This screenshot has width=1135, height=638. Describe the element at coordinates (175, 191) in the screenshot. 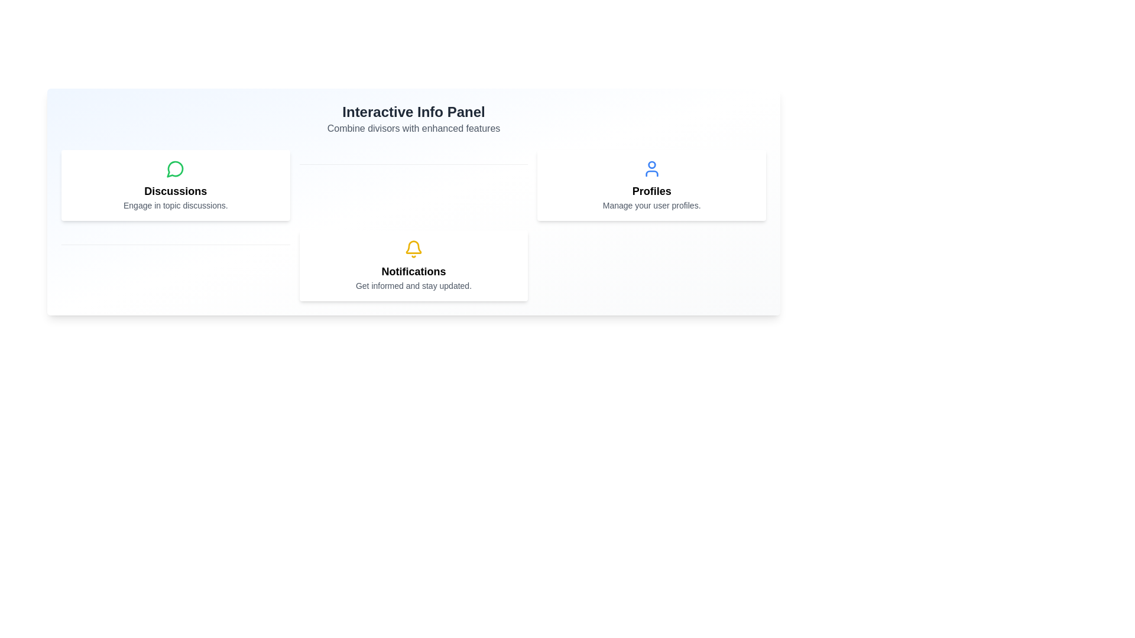

I see `the text label that serves as a section title or heading, located near the top-left portion of the interface, below an icon resembling a message bubble and above the descriptive text 'Engage in topic discussions.'` at that location.